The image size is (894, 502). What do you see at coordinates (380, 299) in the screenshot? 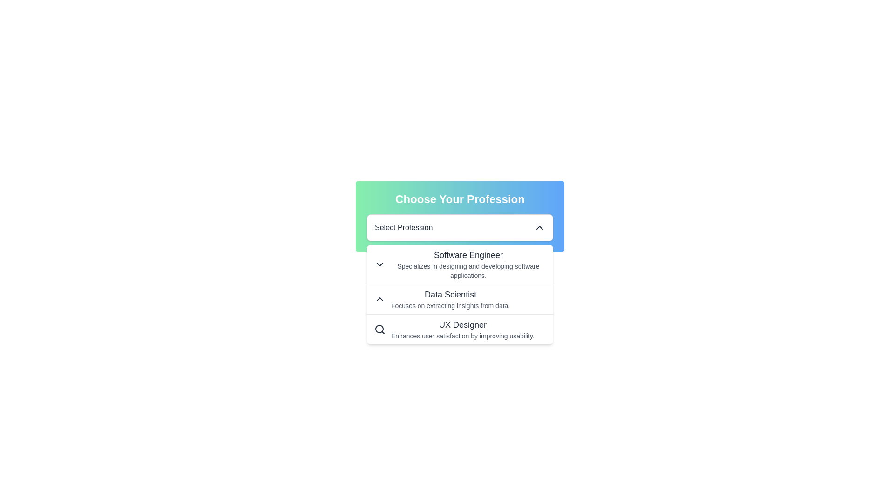
I see `the upward-pointing chevron icon with a black outline, located to the left of the 'Data Scientist' label` at bounding box center [380, 299].